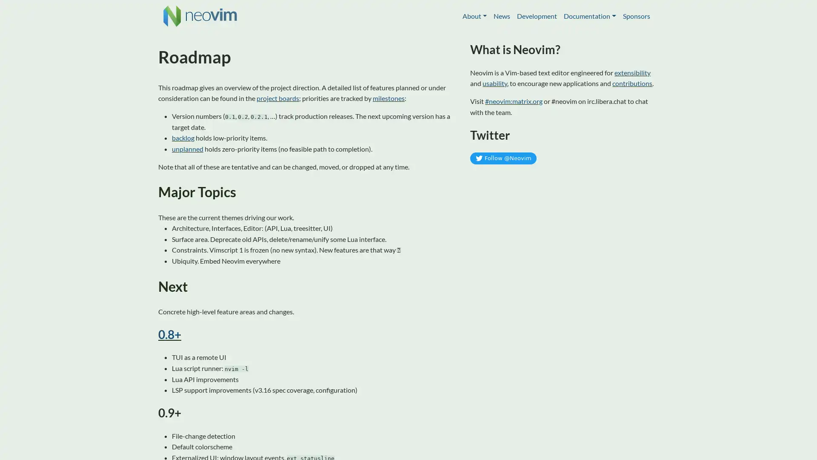 Image resolution: width=817 pixels, height=460 pixels. I want to click on Documentation, so click(589, 16).